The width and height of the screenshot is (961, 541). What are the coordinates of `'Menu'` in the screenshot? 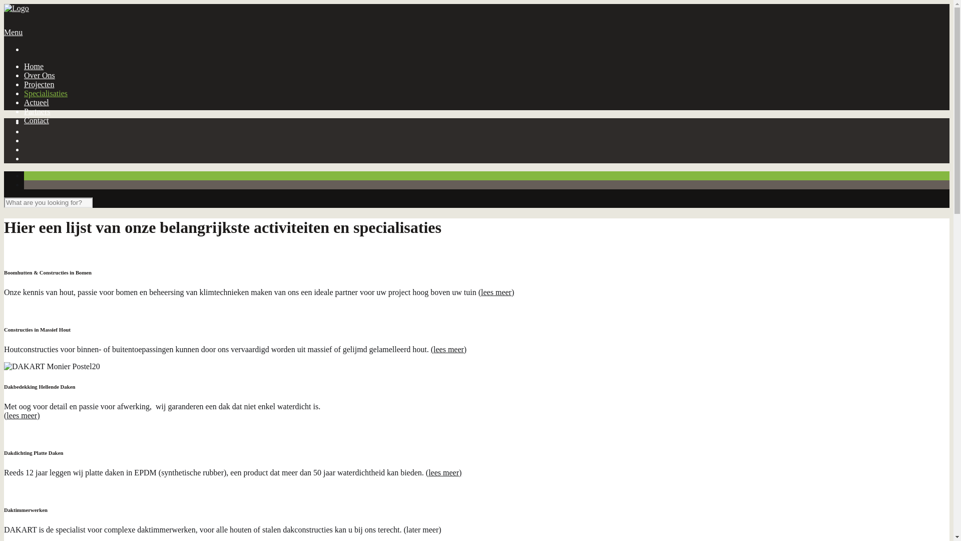 It's located at (13, 32).